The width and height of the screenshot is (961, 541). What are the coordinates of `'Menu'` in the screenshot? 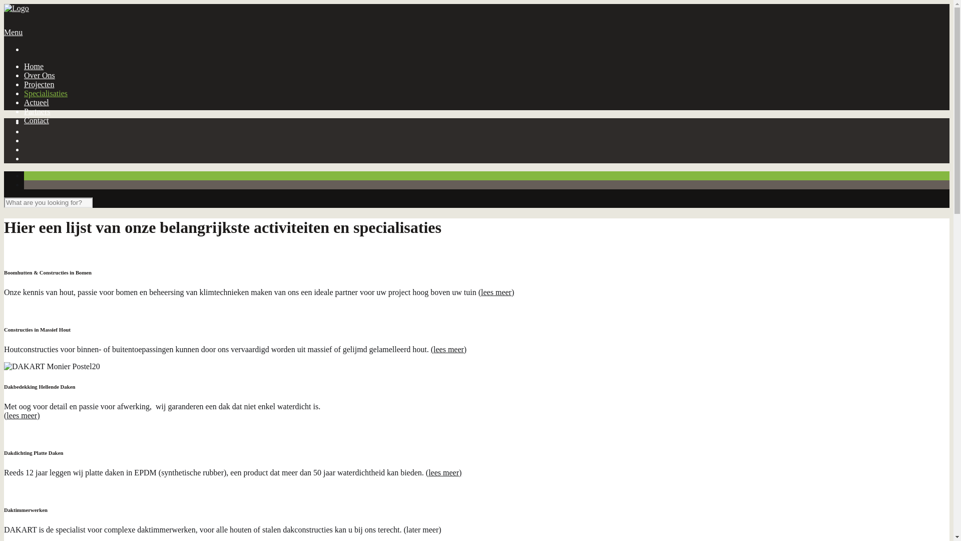 It's located at (13, 32).